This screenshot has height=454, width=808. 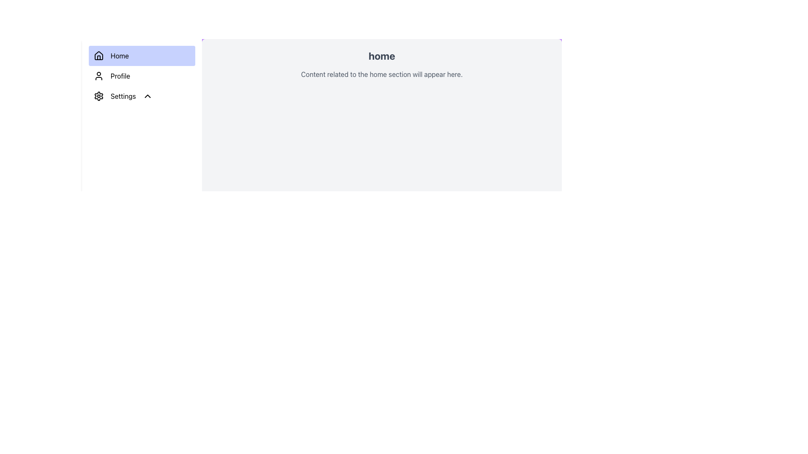 What do you see at coordinates (142, 95) in the screenshot?
I see `the third menu item in the sidebar navigation that leads to the settings section of the application` at bounding box center [142, 95].